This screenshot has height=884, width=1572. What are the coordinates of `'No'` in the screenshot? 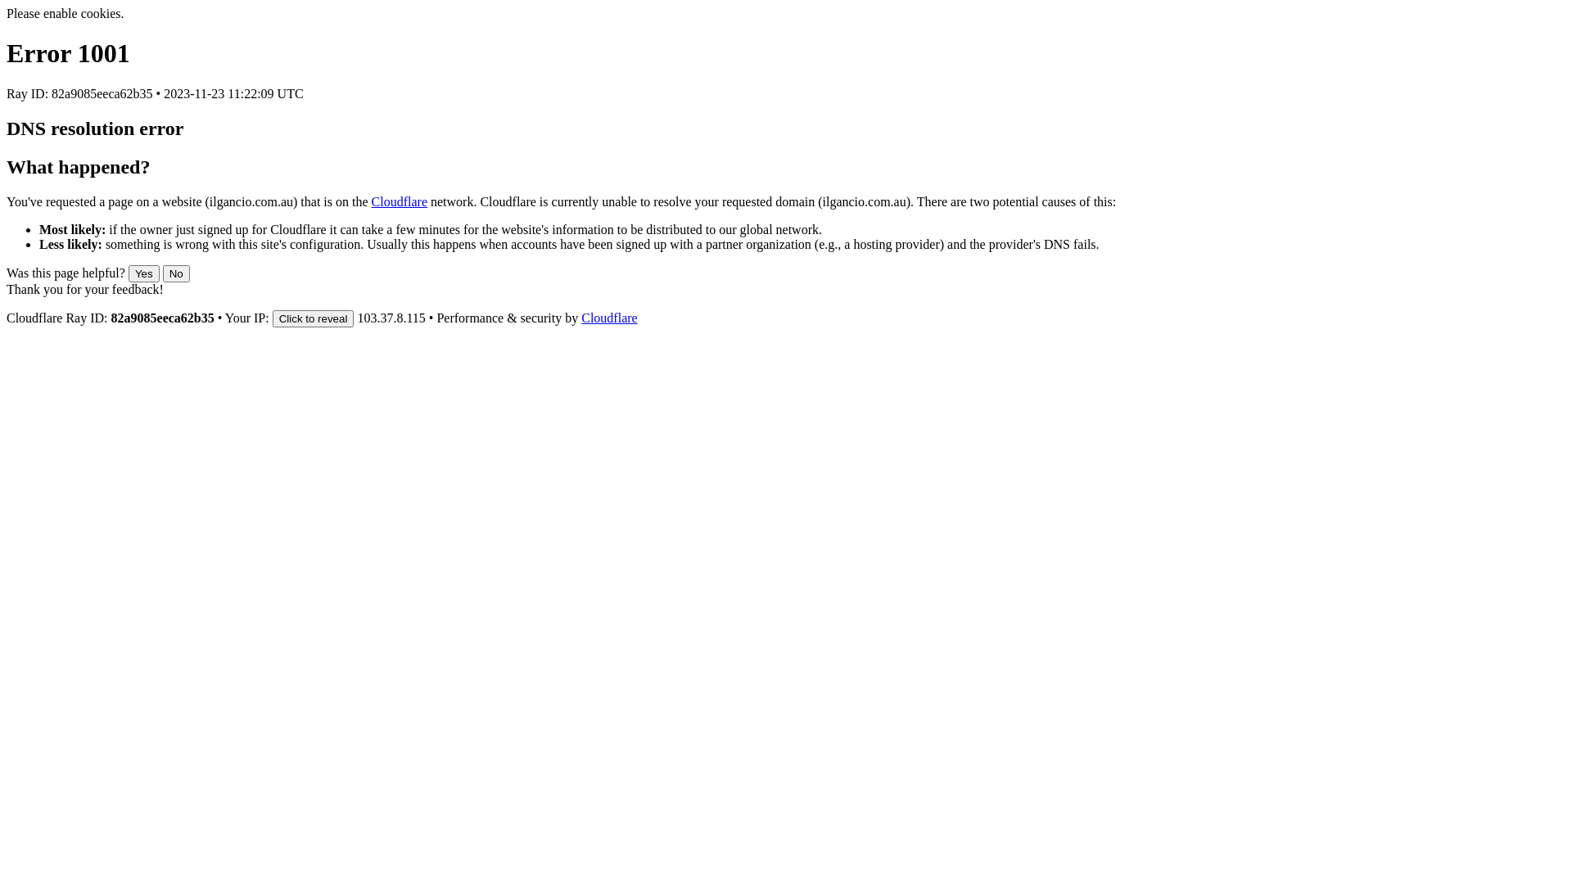 It's located at (162, 273).